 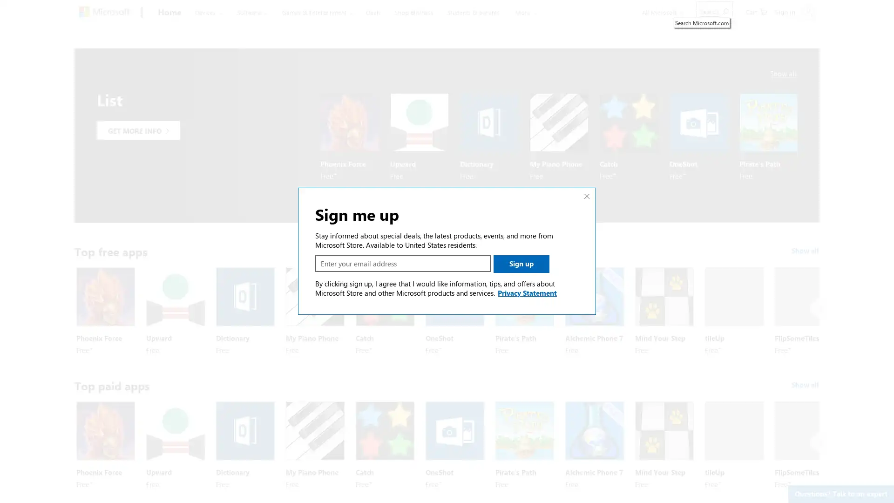 What do you see at coordinates (820, 442) in the screenshot?
I see `Next` at bounding box center [820, 442].